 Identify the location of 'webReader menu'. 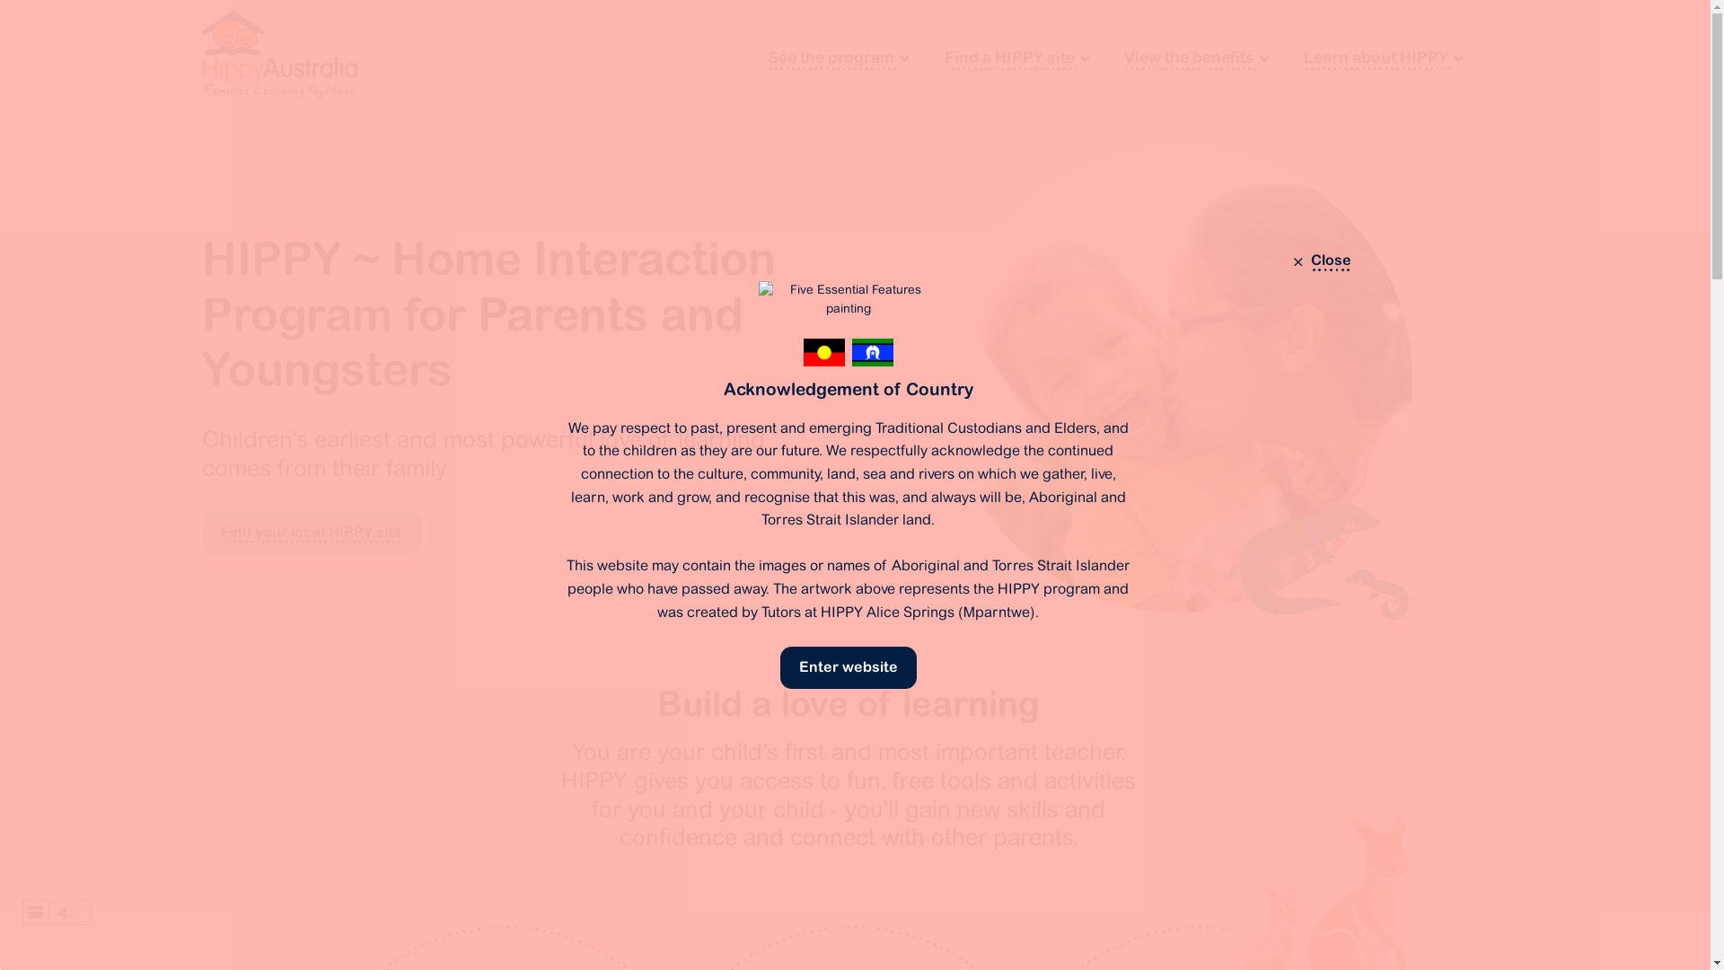
(22, 912).